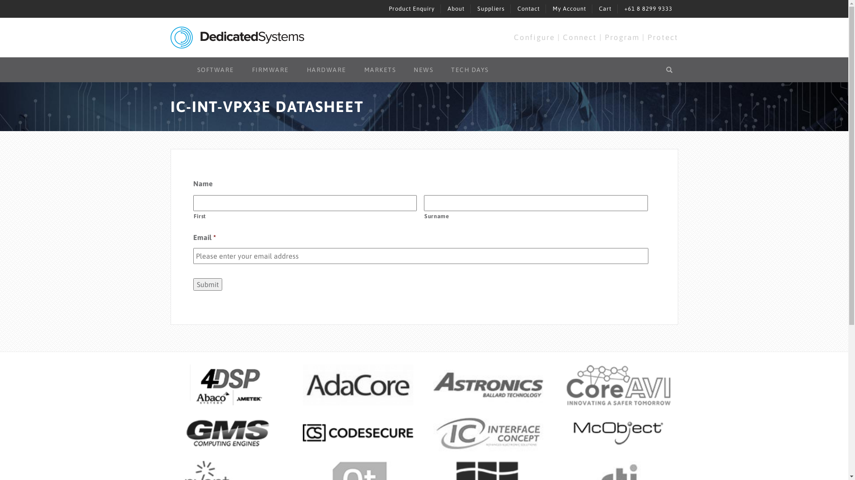 The height and width of the screenshot is (480, 855). I want to click on 'HARDWARE', so click(326, 69).